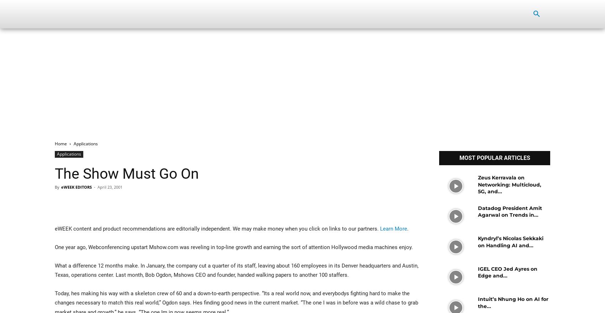 Image resolution: width=605 pixels, height=313 pixels. Describe the element at coordinates (60, 144) in the screenshot. I see `'Home'` at that location.